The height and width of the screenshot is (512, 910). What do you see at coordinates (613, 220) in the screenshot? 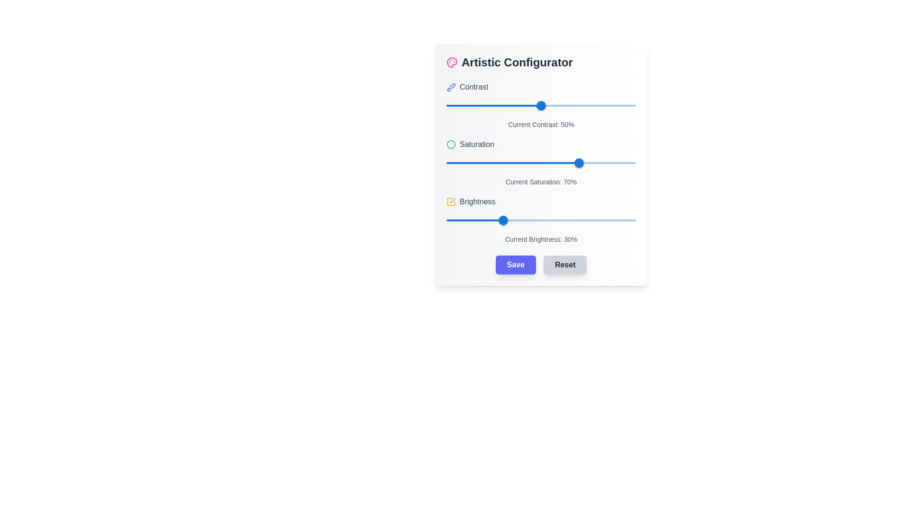
I see `the brightness level` at bounding box center [613, 220].